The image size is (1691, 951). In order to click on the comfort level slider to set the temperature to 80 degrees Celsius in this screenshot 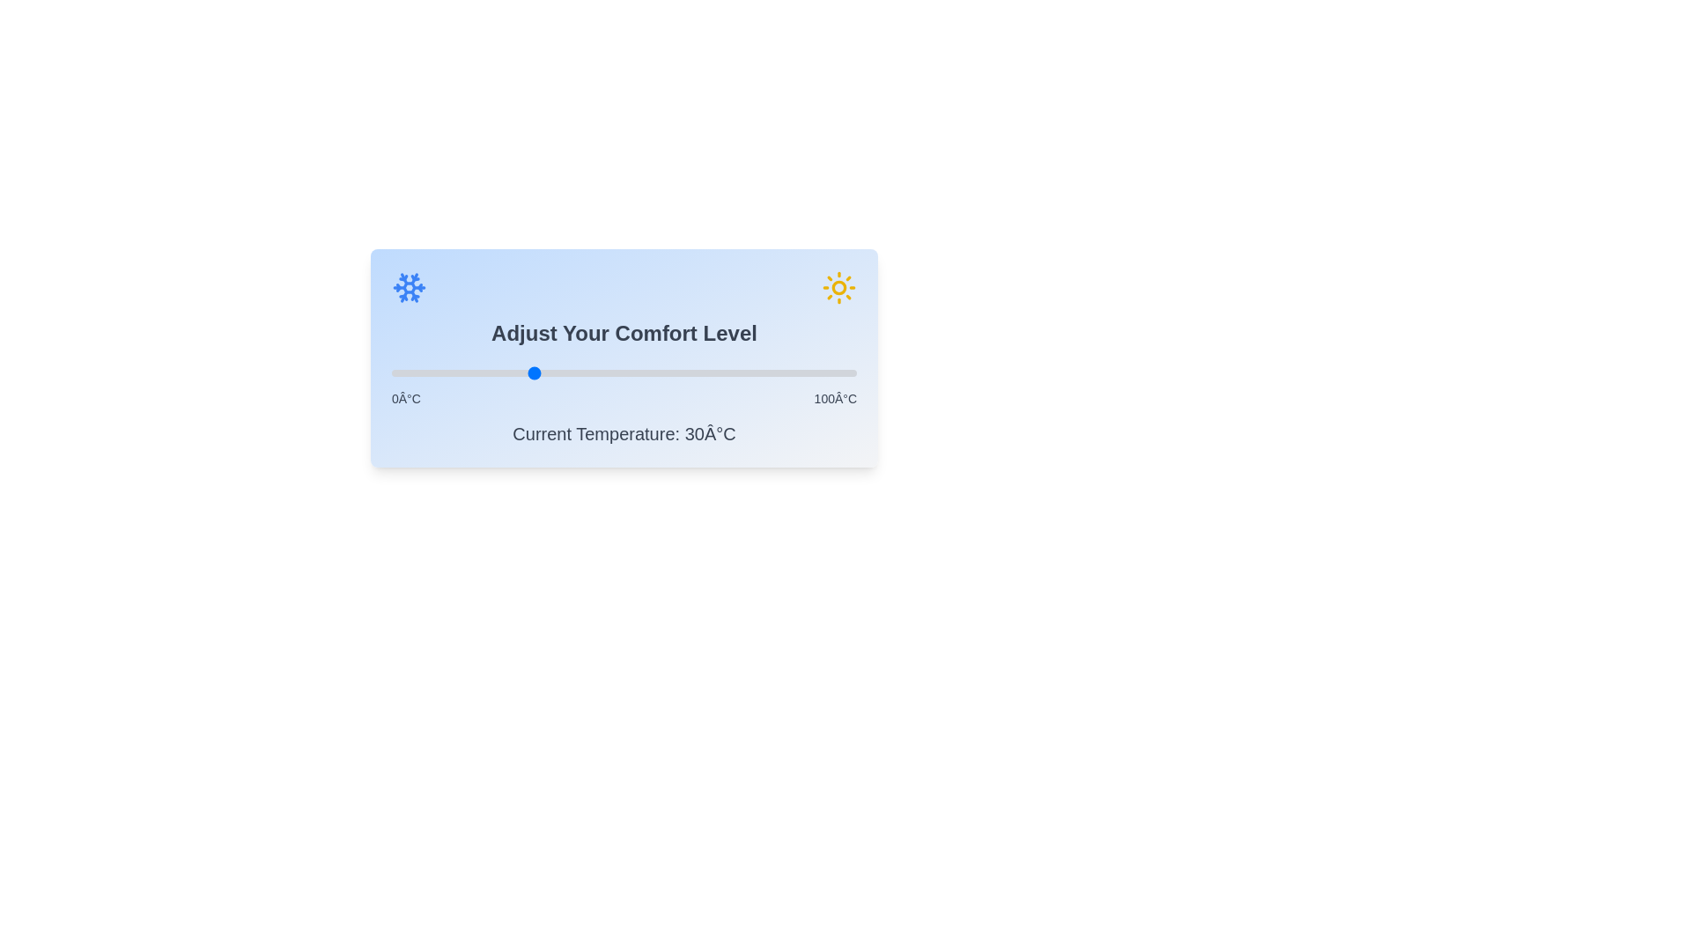, I will do `click(764, 372)`.